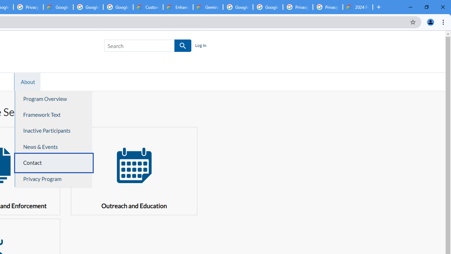 This screenshot has width=451, height=254. Describe the element at coordinates (28, 81) in the screenshot. I see `'About'` at that location.